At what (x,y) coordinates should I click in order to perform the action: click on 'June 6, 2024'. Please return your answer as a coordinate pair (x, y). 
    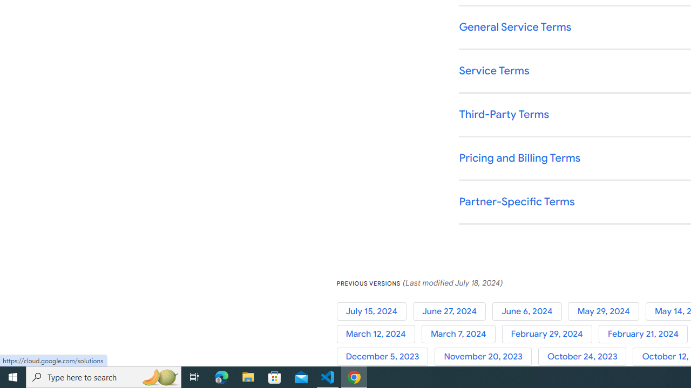
    Looking at the image, I should click on (530, 311).